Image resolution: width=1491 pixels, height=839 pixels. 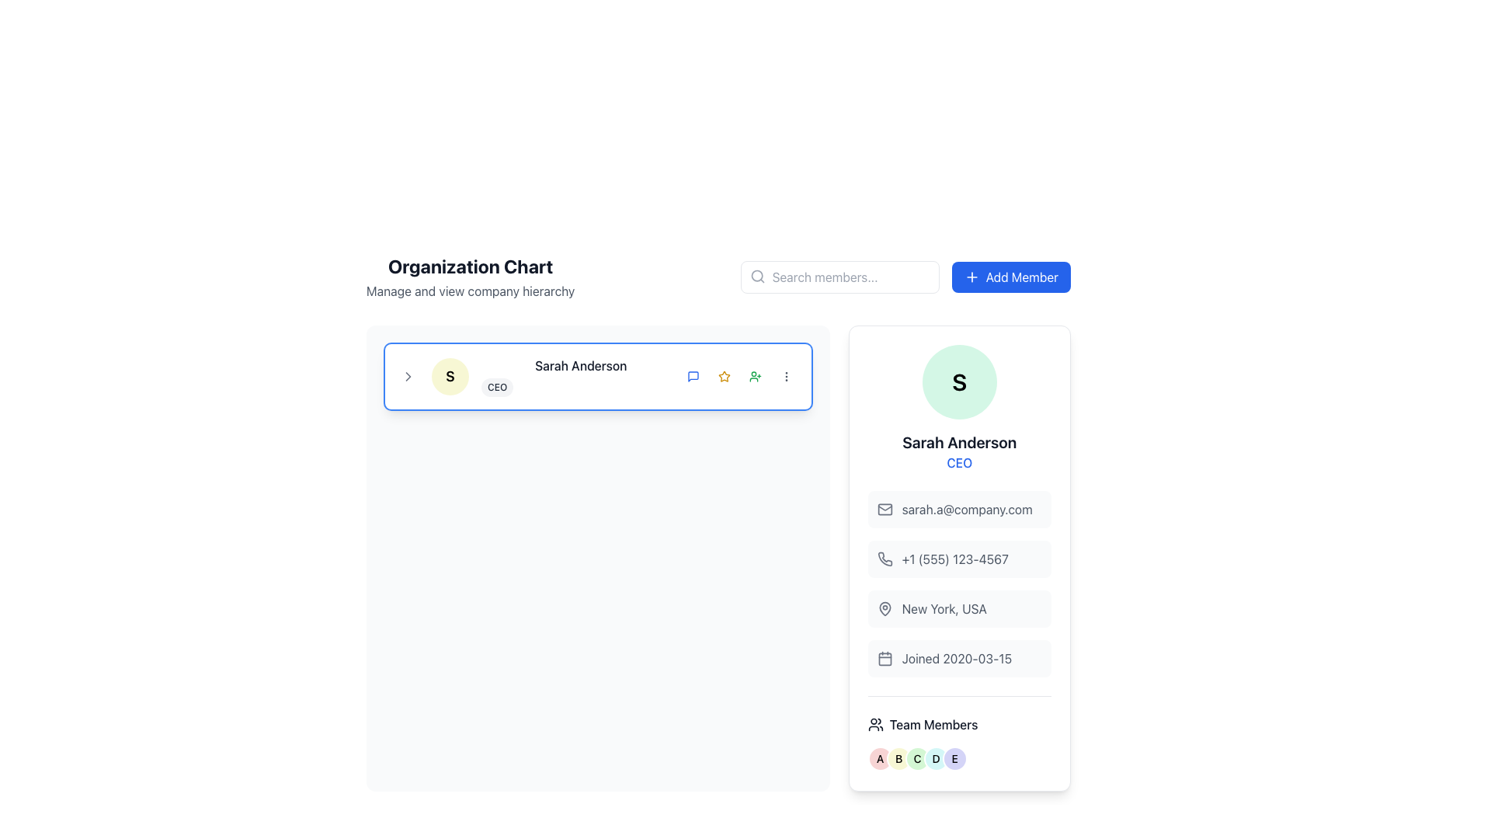 I want to click on the circular indicator labeled 'C' with a green background and white border, located in the 'Team Members' section of the user profile, so click(x=917, y=757).